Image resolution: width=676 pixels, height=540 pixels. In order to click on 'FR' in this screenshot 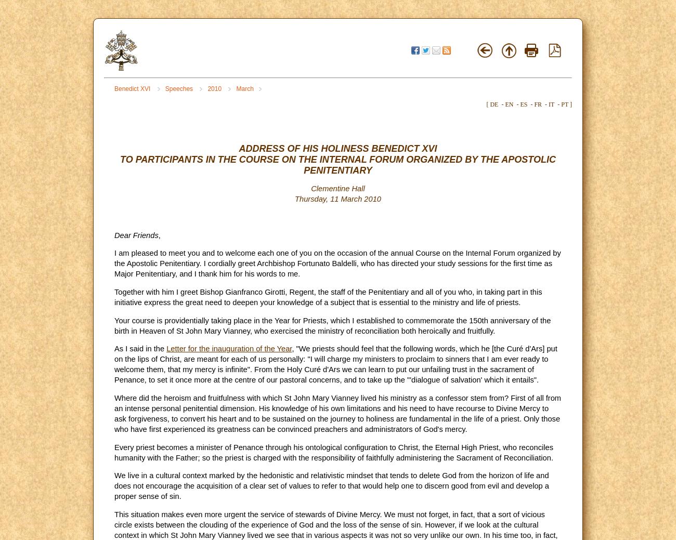, I will do `click(538, 104)`.